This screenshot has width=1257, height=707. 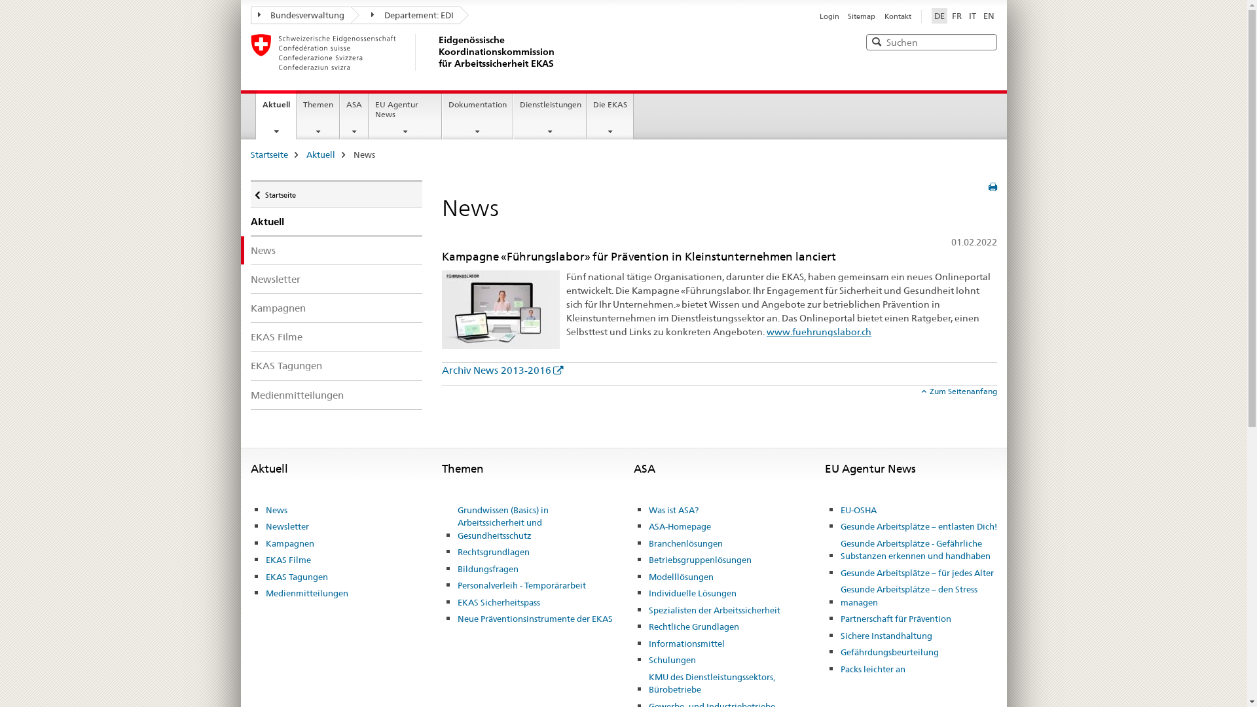 What do you see at coordinates (886, 636) in the screenshot?
I see `'Sichere Instandhaltung'` at bounding box center [886, 636].